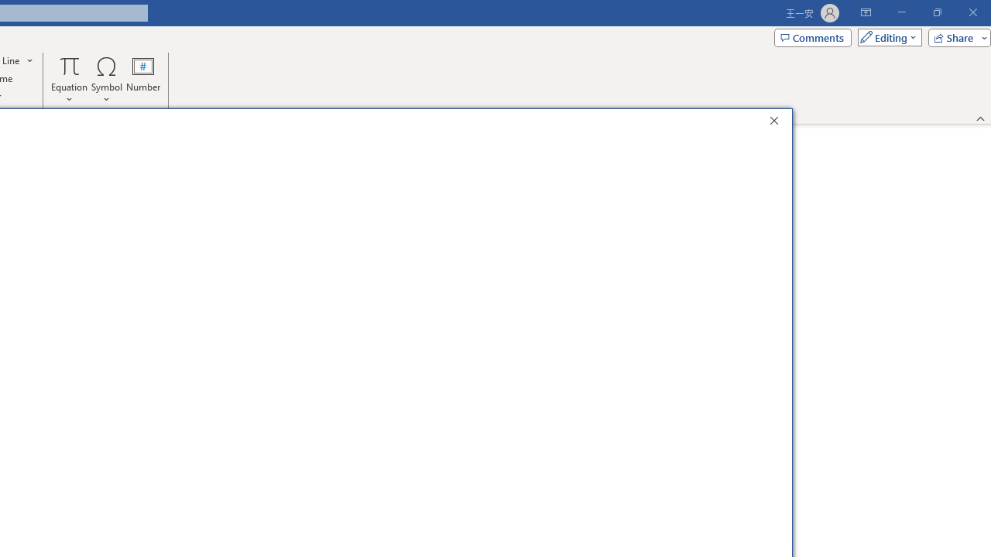 Image resolution: width=991 pixels, height=557 pixels. I want to click on 'Editing', so click(886, 36).